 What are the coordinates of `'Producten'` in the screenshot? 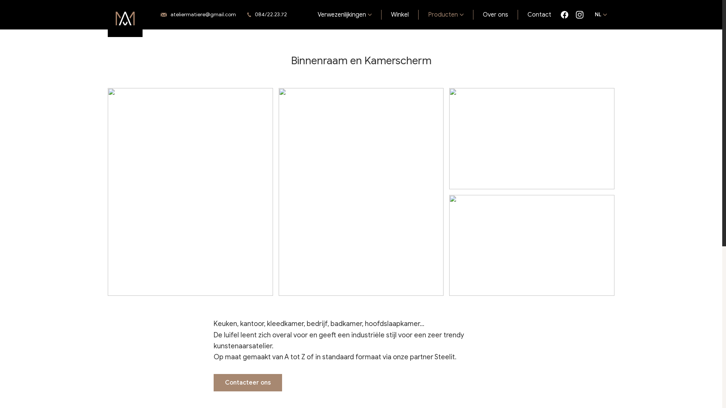 It's located at (418, 14).